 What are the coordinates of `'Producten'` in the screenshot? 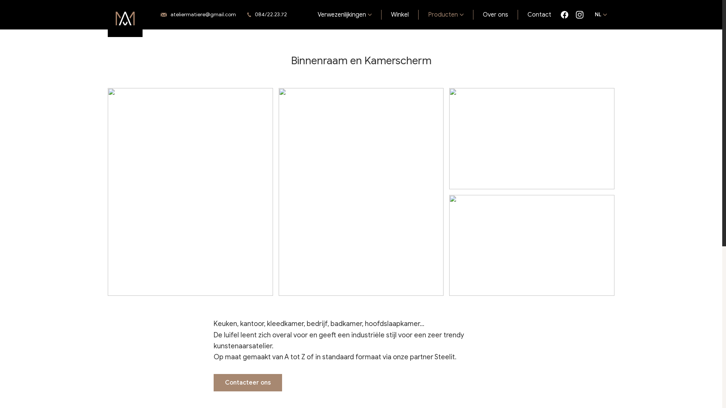 It's located at (418, 14).